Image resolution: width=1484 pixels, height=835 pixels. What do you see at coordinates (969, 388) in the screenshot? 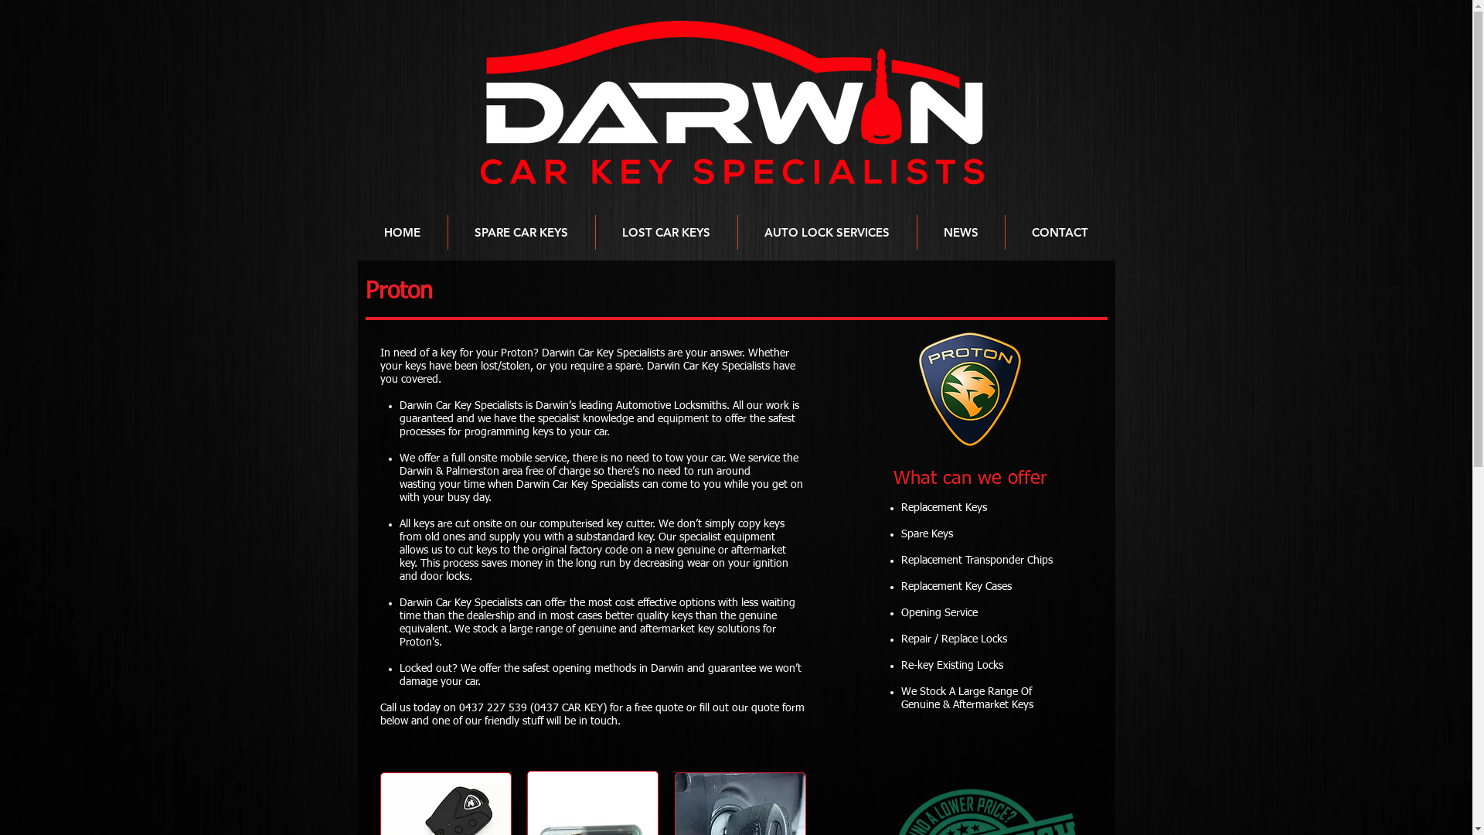
I see `'2000px-Proton_Logo.svg.png'` at bounding box center [969, 388].